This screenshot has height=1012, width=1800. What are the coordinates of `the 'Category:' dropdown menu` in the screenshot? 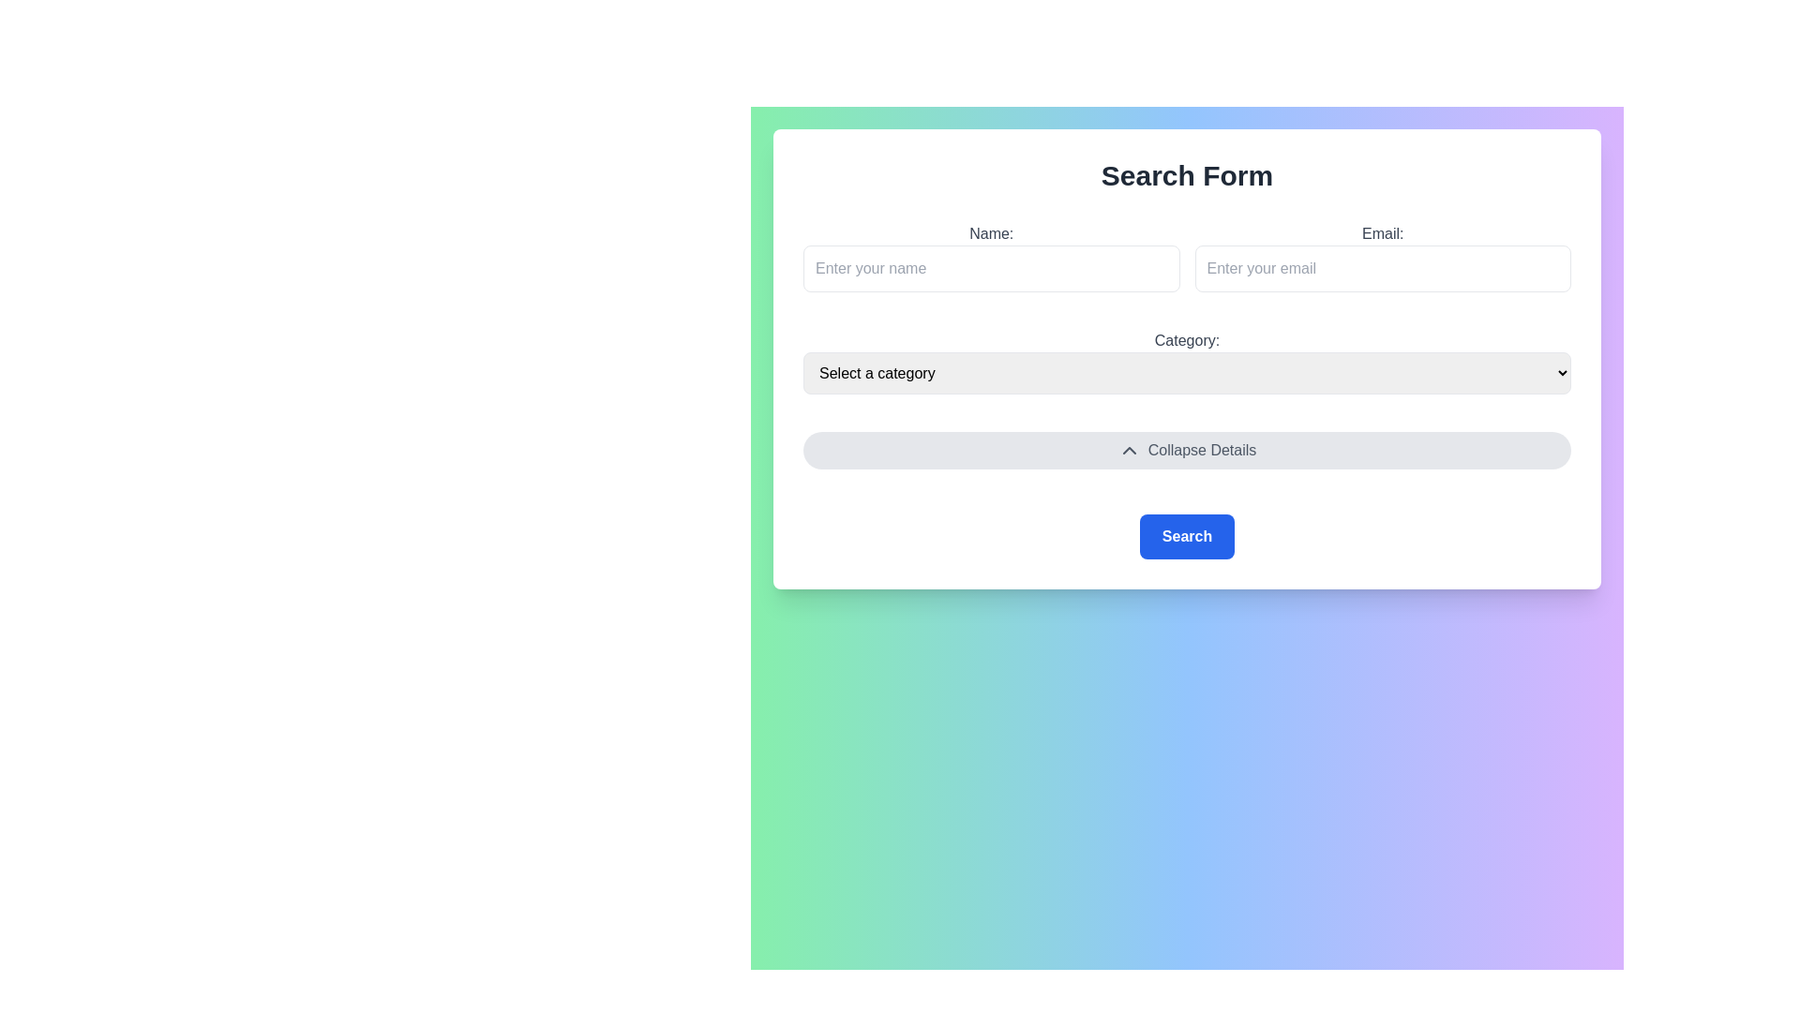 It's located at (1186, 362).